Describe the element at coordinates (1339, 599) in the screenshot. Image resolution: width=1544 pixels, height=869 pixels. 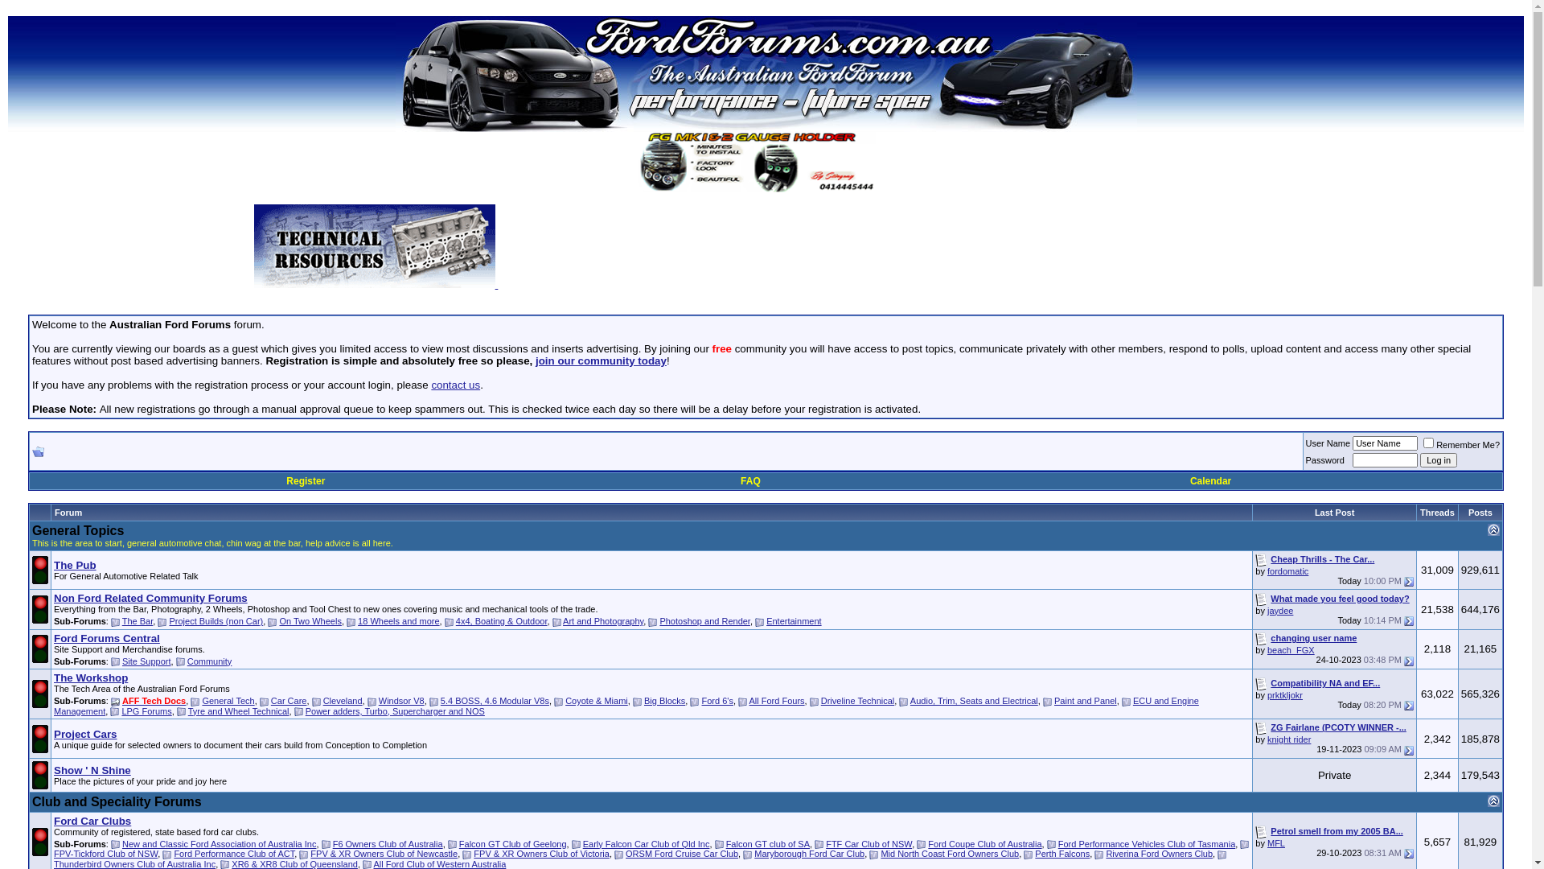
I see `'What made you feel good today?'` at that location.